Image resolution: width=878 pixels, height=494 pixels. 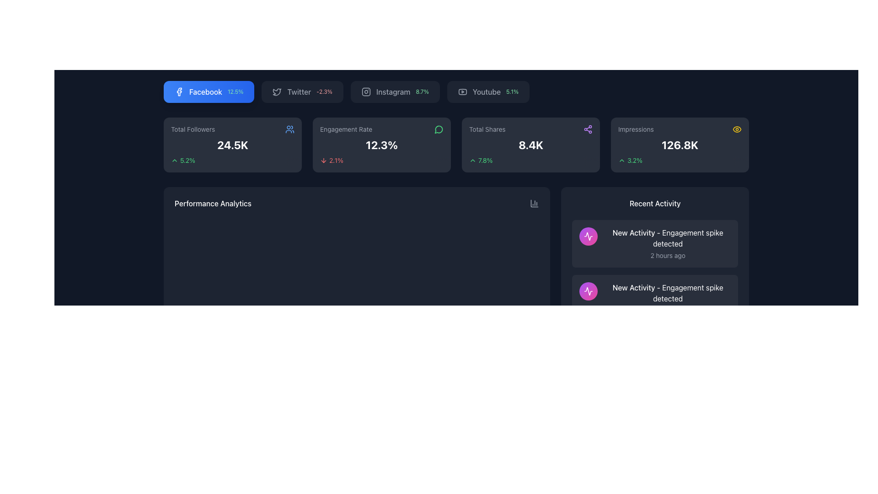 What do you see at coordinates (680, 144) in the screenshot?
I see `text label displaying the count of impressions located in the middle section of the 'Impressions' card, positioned above a green percentage value` at bounding box center [680, 144].